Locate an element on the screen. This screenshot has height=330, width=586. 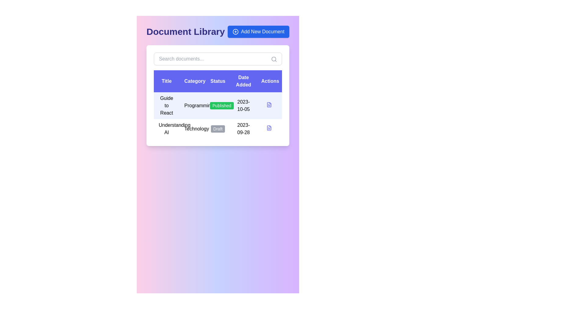
the text label displaying 'Programming' in the table under the 'Category' column, which is the second cell in the first row is located at coordinates (192, 105).